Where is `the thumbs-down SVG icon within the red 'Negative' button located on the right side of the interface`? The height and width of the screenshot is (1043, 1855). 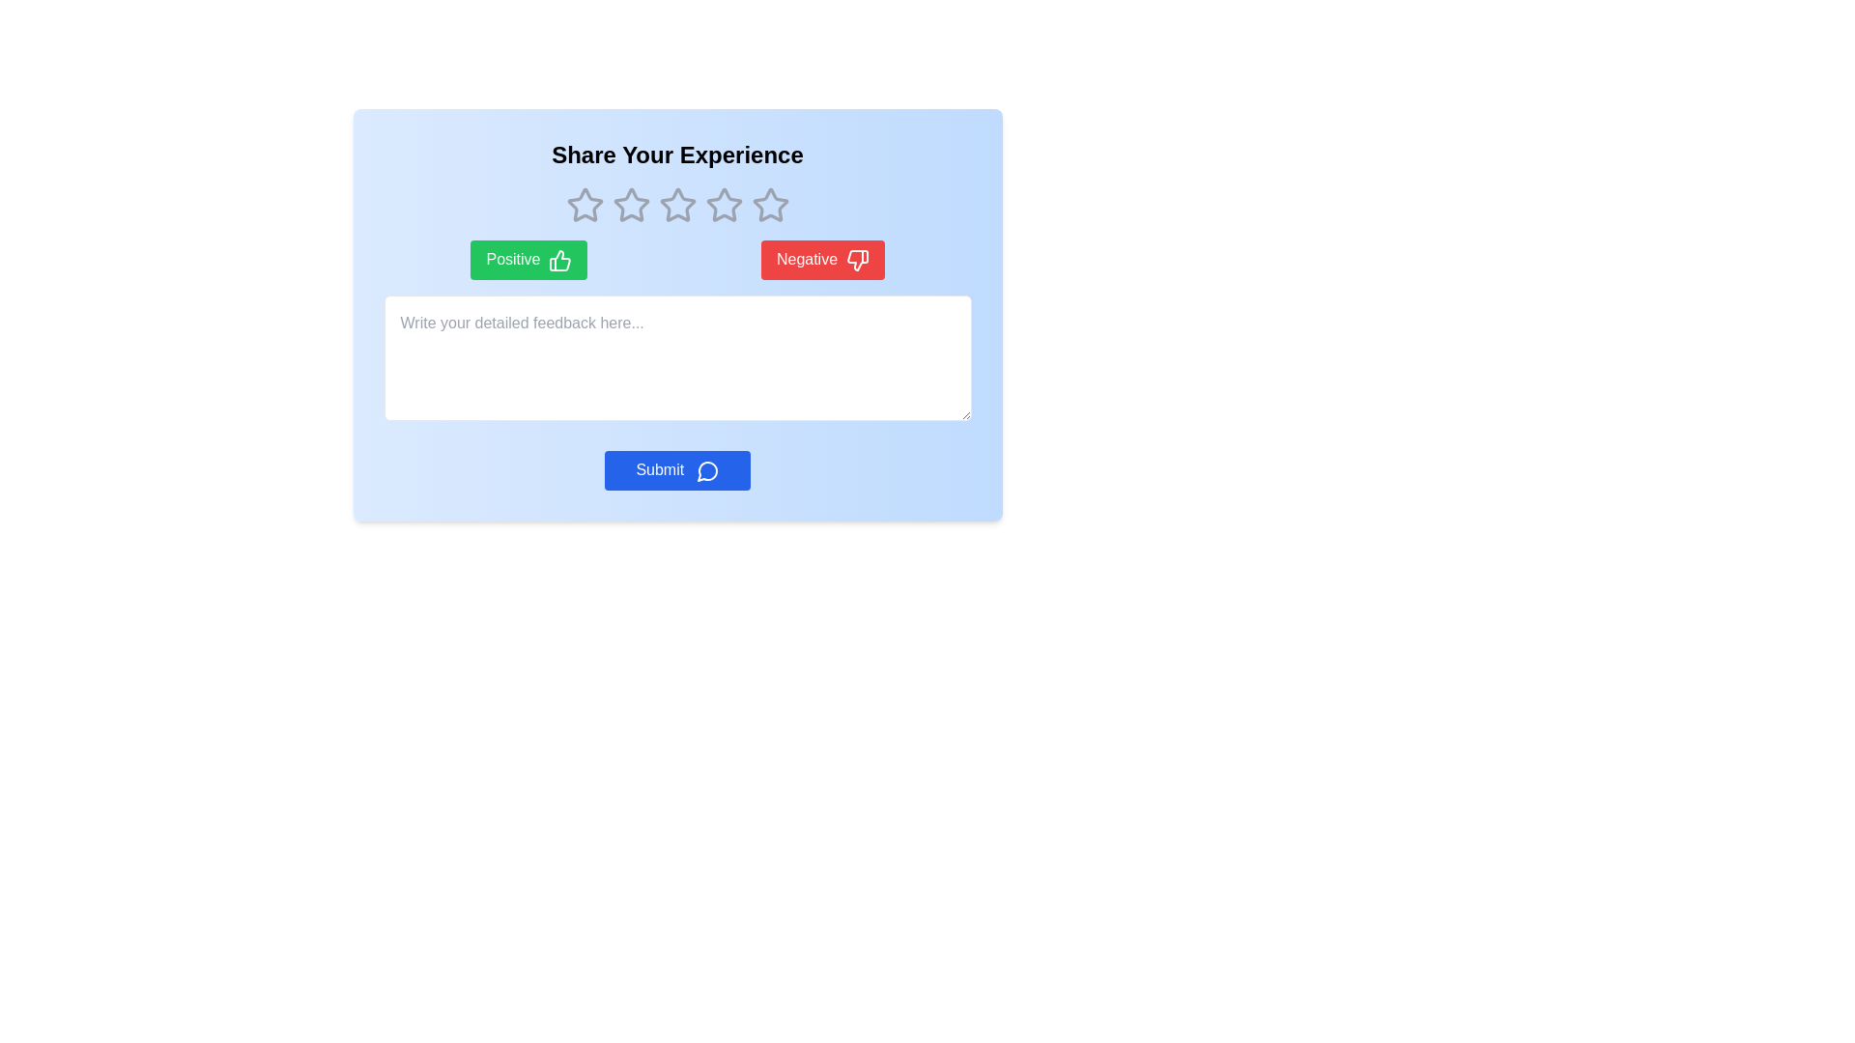
the thumbs-down SVG icon within the red 'Negative' button located on the right side of the interface is located at coordinates (856, 259).